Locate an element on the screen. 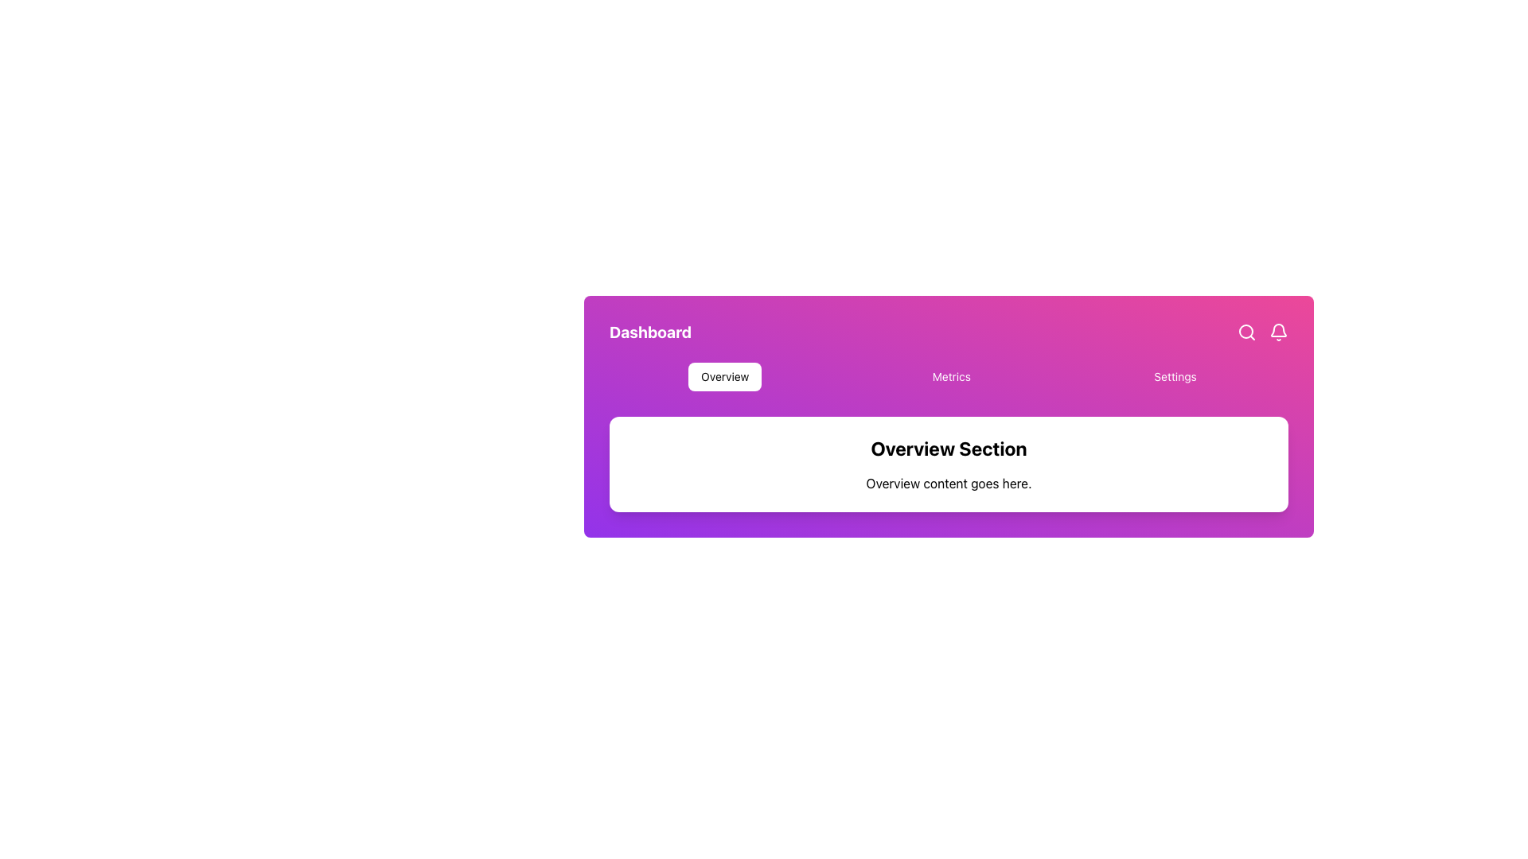 The height and width of the screenshot is (859, 1528). the circular portion of the magnifying glass icon located in the top-right corner of the interface, which represents the search feature is located at coordinates (1245, 330).